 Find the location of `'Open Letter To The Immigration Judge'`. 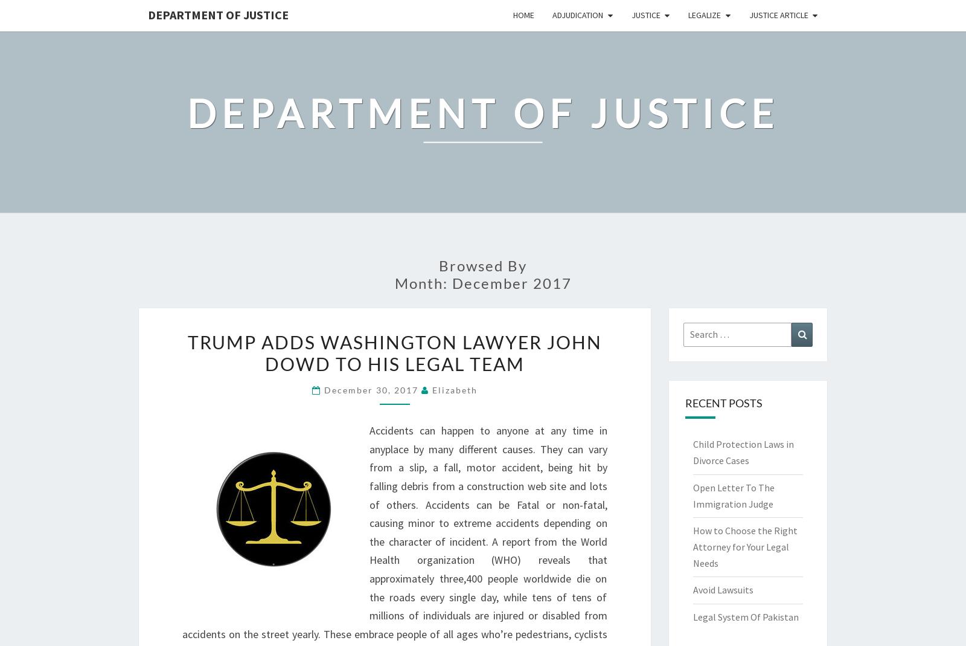

'Open Letter To The Immigration Judge' is located at coordinates (732, 495).